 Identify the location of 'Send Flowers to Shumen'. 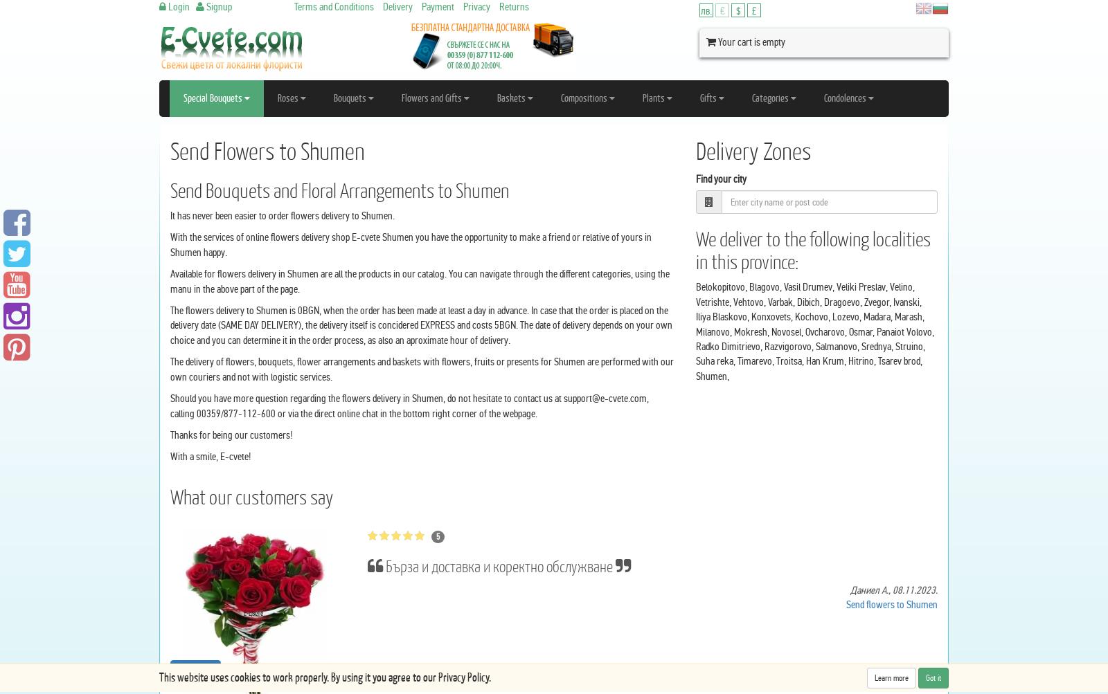
(267, 151).